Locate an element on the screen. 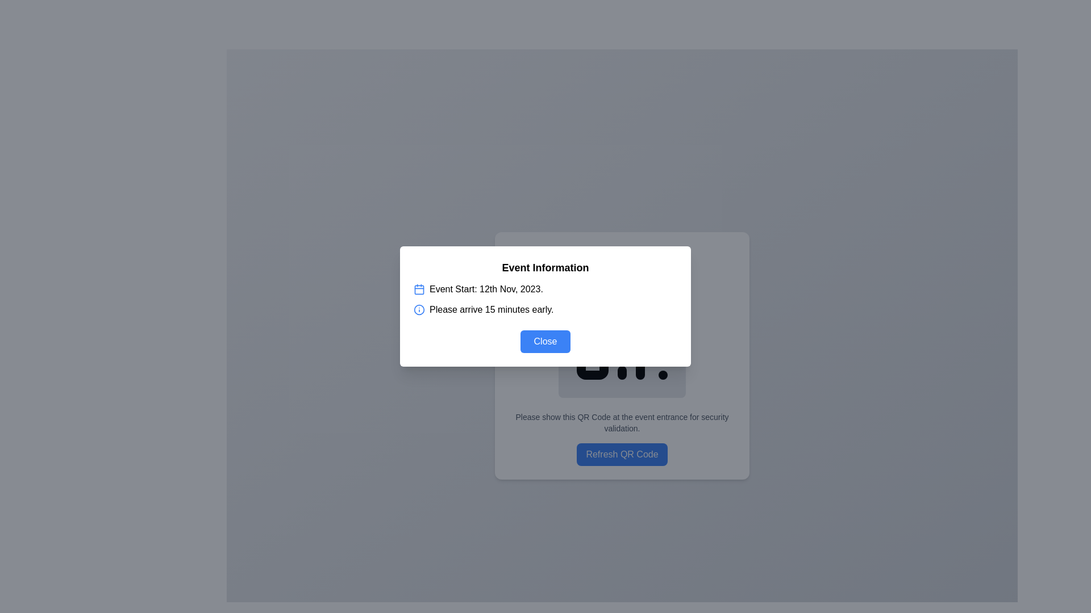  the text element reading 'Please arrive 15 minutes early.' which is positioned below the 'Event Start: 12th Nov, 2023.' text and above the 'Close' button is located at coordinates (492, 310).